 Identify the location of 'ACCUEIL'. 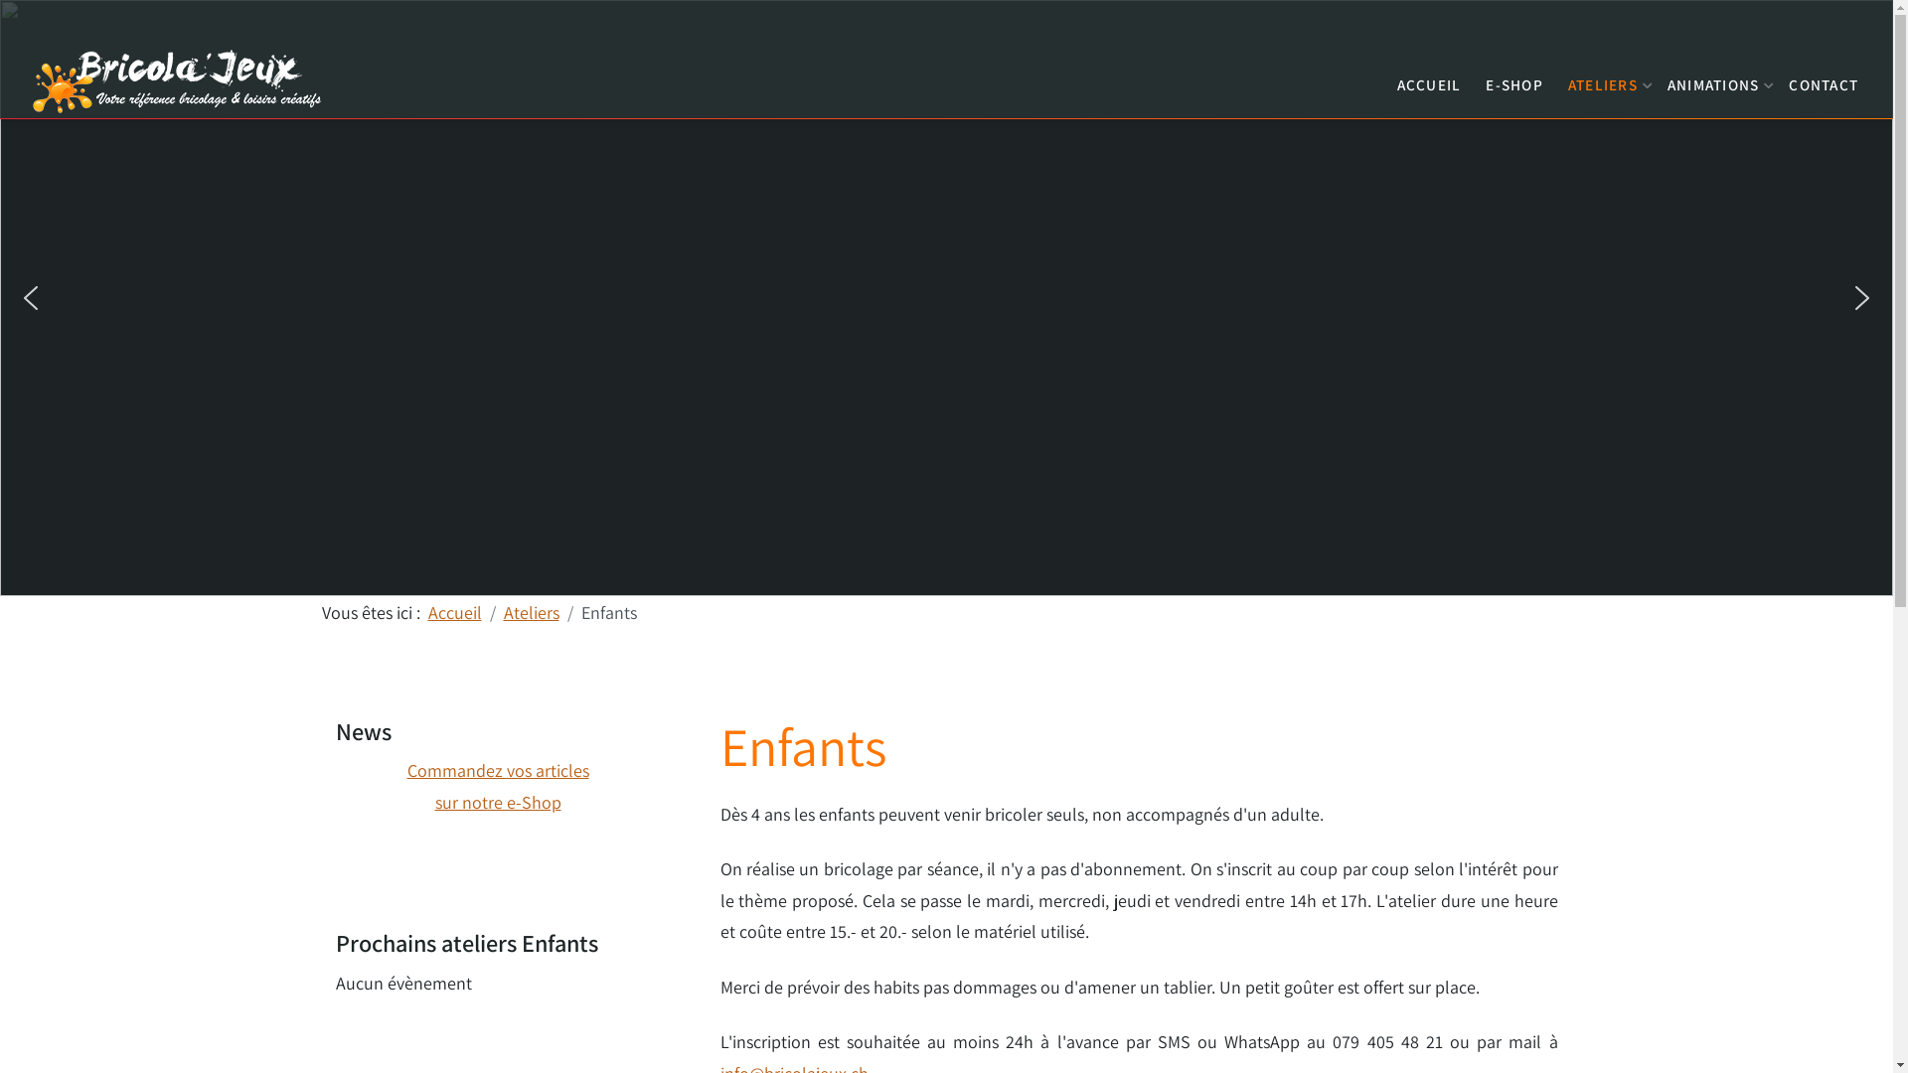
(1427, 78).